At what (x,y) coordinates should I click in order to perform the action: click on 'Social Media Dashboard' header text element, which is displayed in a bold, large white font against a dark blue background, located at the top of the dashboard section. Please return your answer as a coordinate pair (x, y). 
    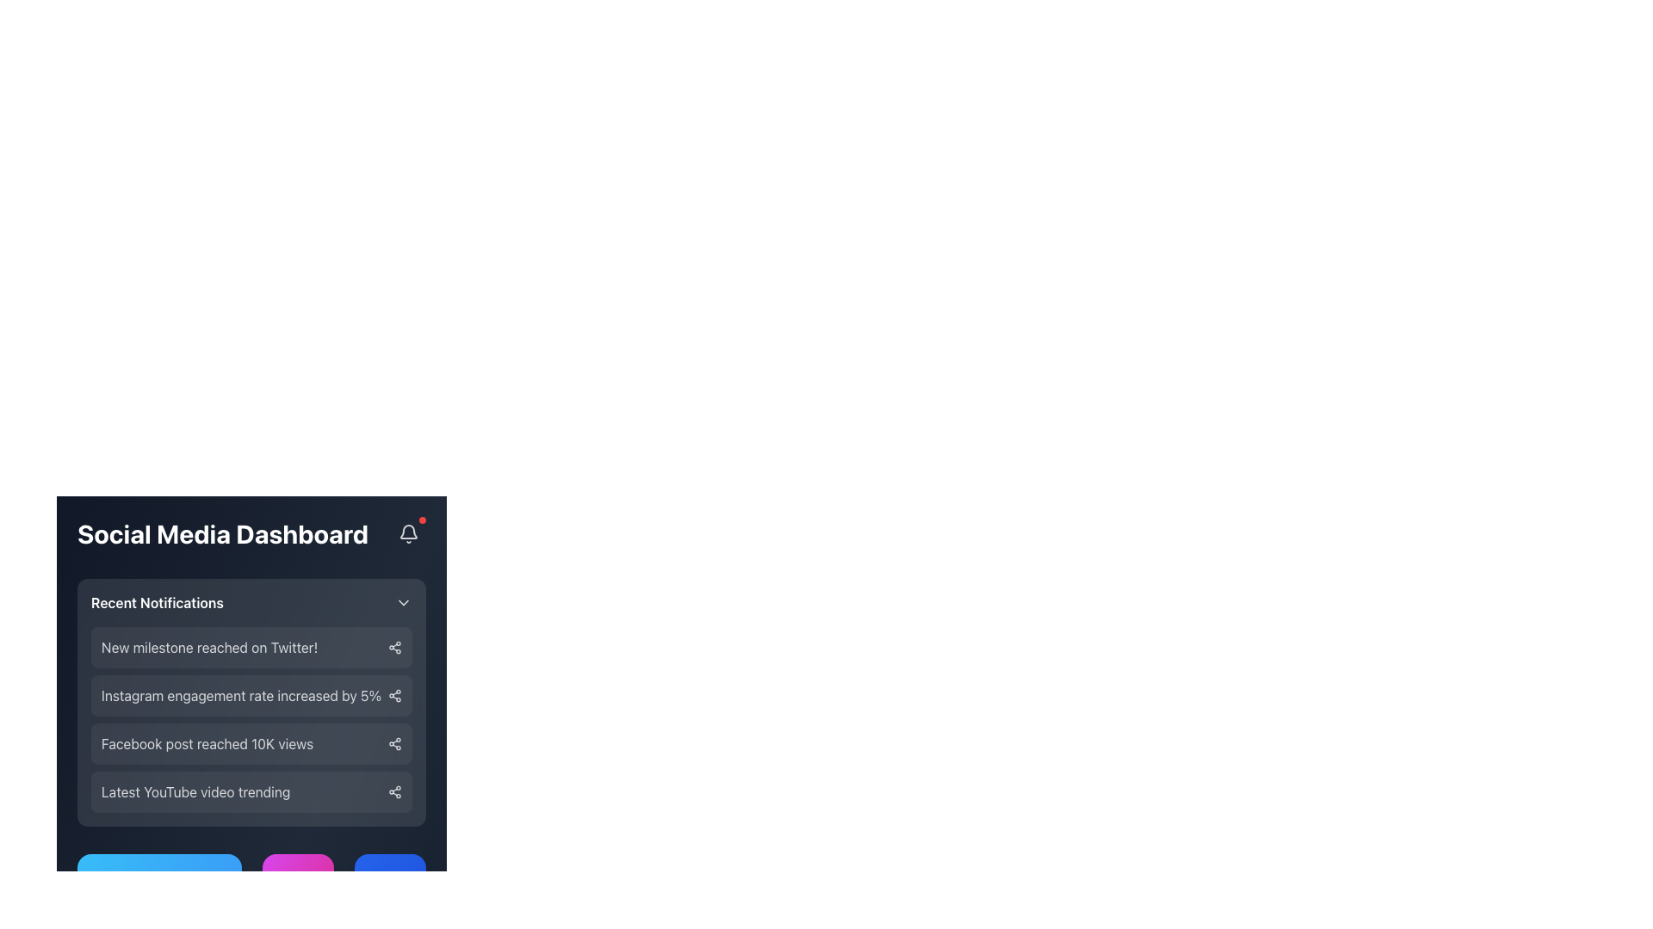
    Looking at the image, I should click on (222, 533).